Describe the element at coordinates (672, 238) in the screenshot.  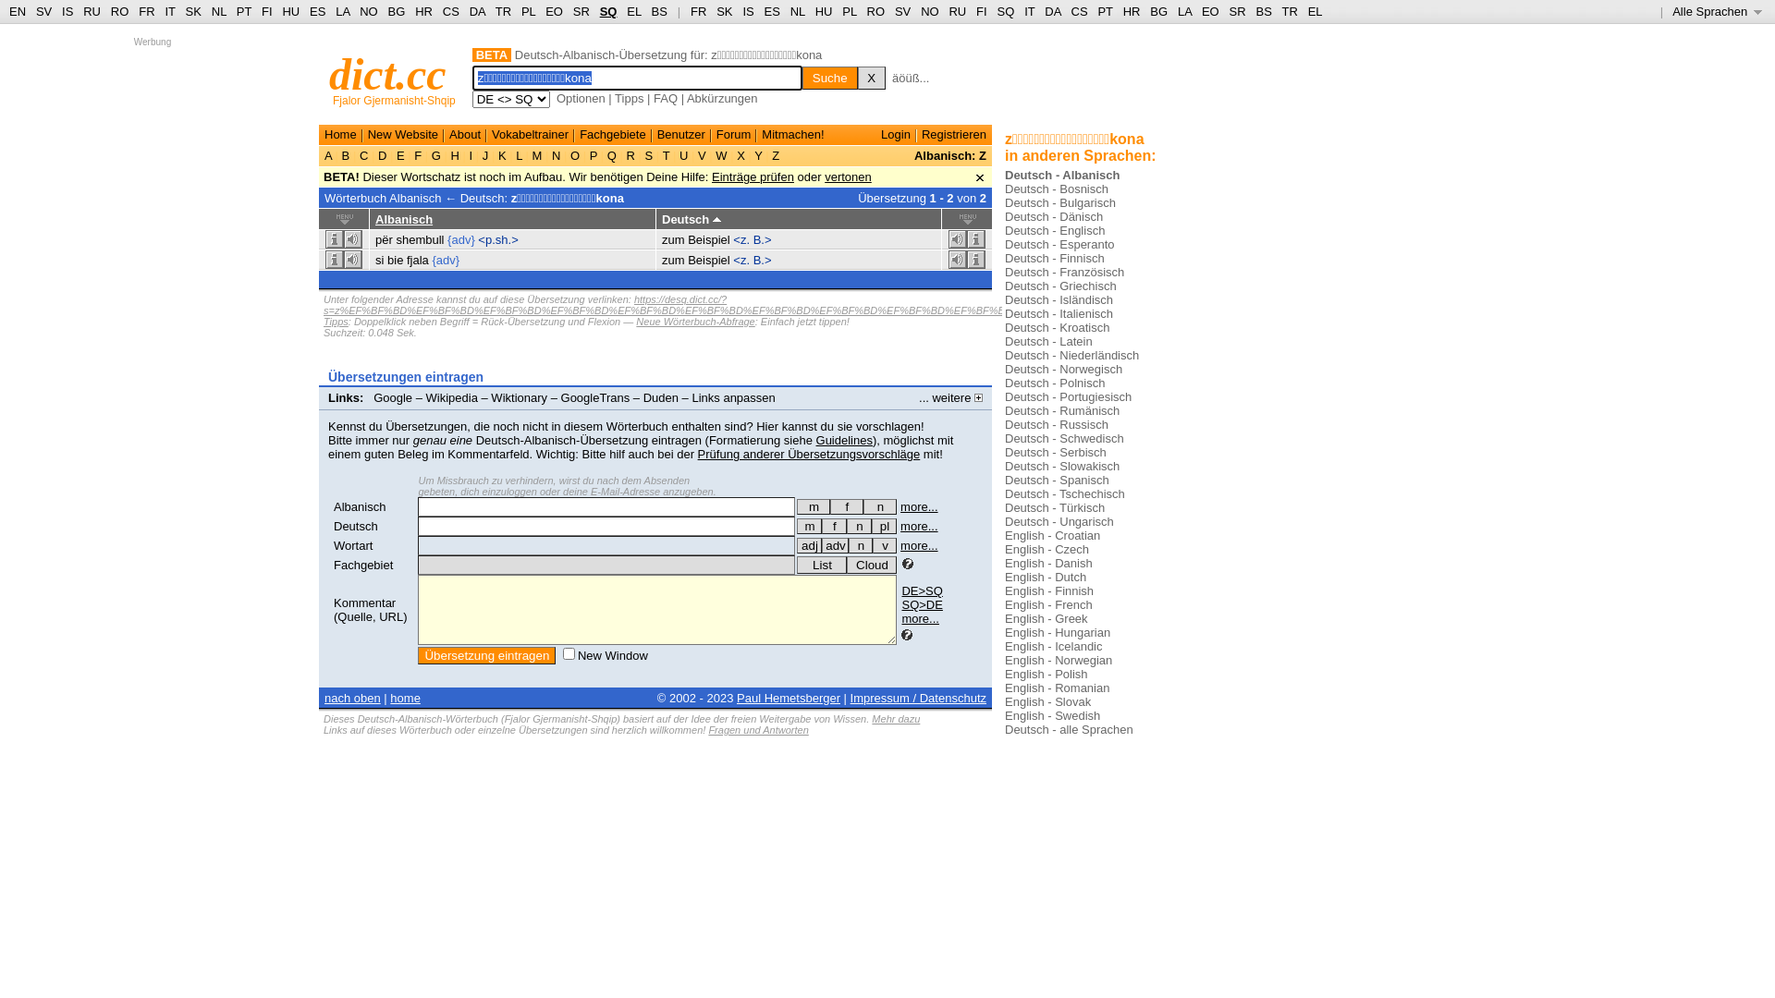
I see `'zum'` at that location.